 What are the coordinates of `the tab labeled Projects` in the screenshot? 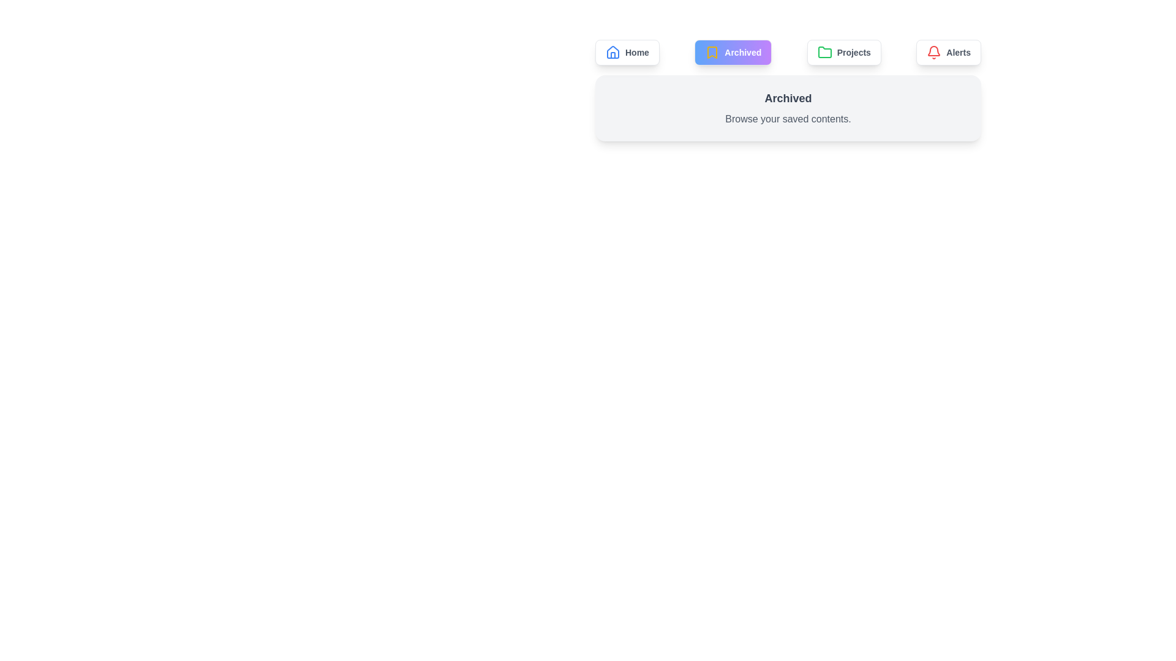 It's located at (843, 51).